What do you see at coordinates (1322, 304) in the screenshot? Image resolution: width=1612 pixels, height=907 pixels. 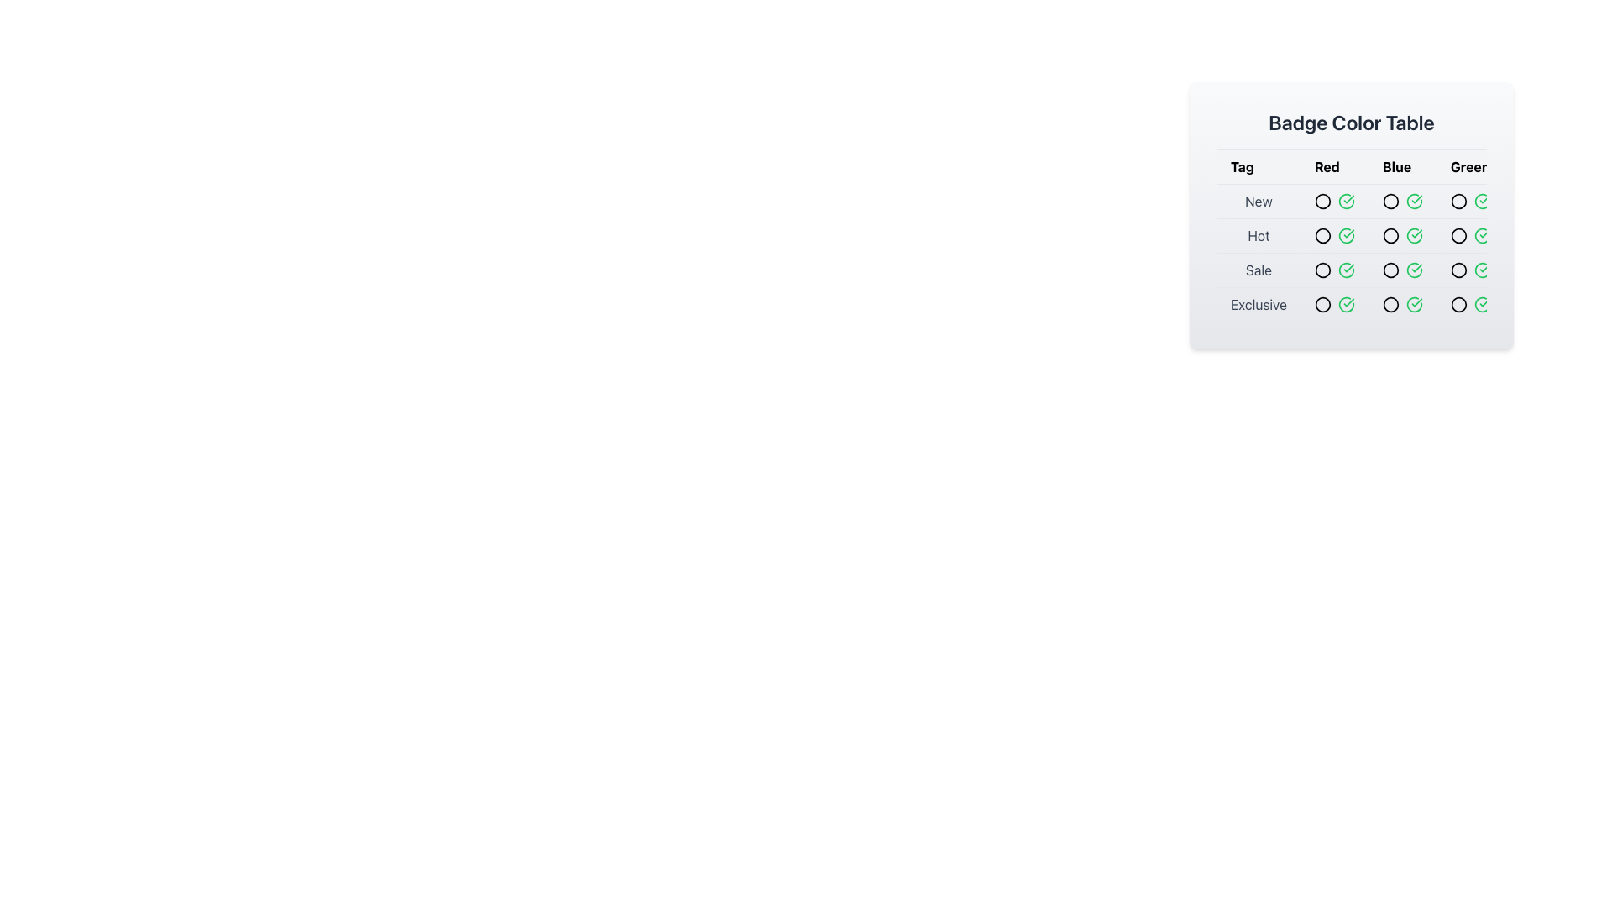 I see `the circular red icon with a black border located in the 'Red' column and 'Exclusive' row of the 'Badge Color Table'` at bounding box center [1322, 304].